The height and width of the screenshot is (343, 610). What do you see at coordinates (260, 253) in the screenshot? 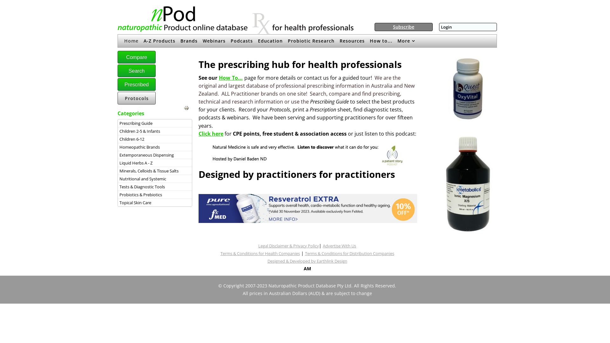
I see `'Terms & Conditions for Health Companies'` at bounding box center [260, 253].